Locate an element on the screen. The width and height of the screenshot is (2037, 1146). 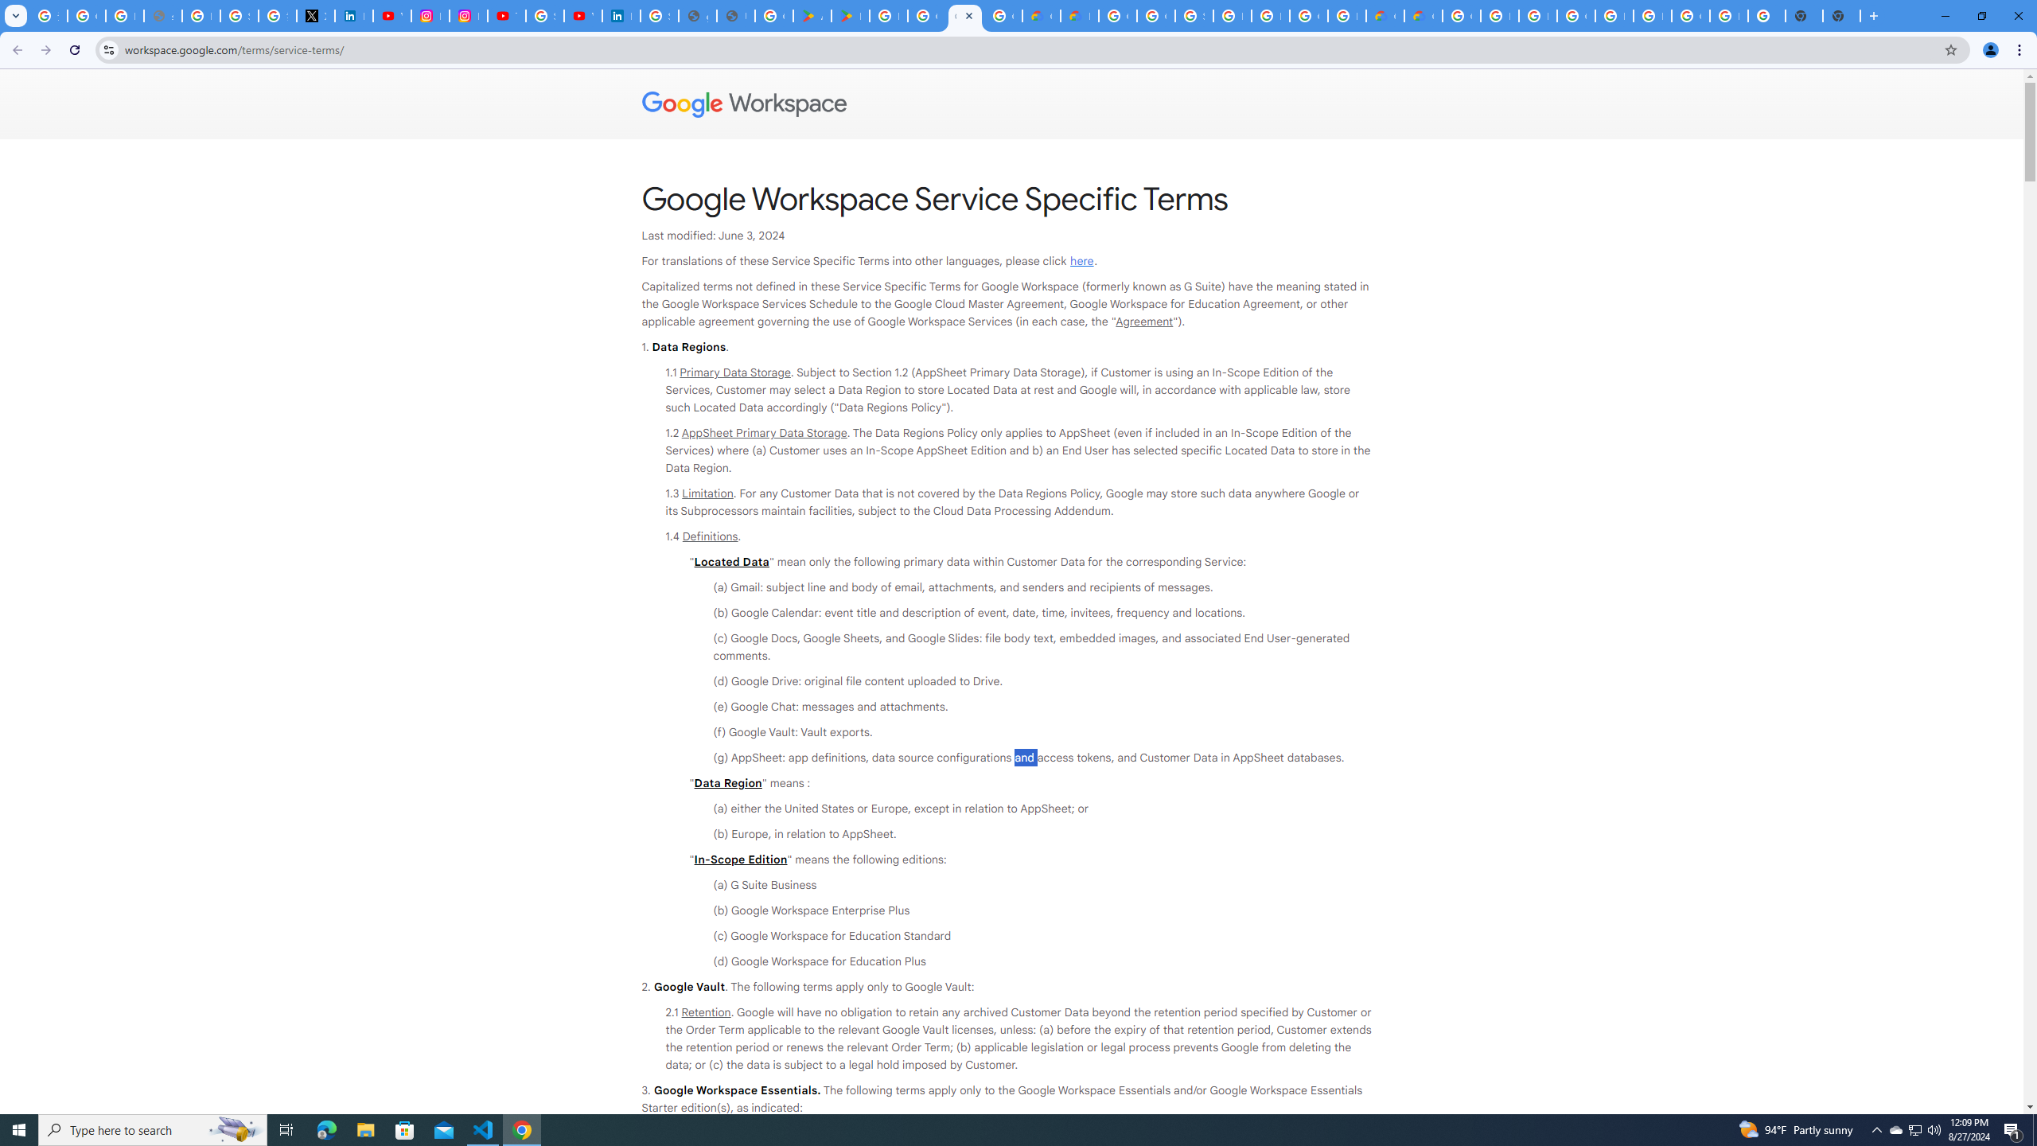
'Google Cloud Platform' is located at coordinates (1118, 15).